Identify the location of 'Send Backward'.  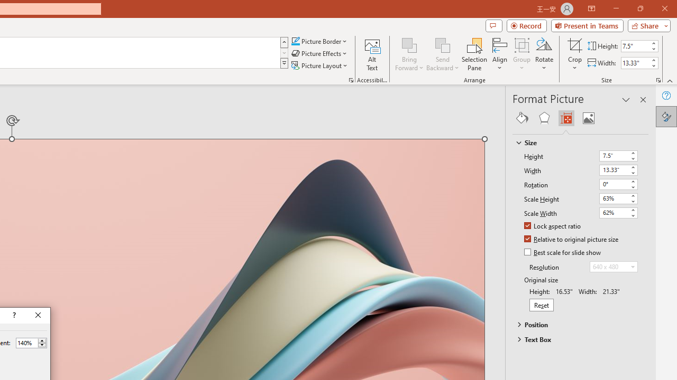
(443, 44).